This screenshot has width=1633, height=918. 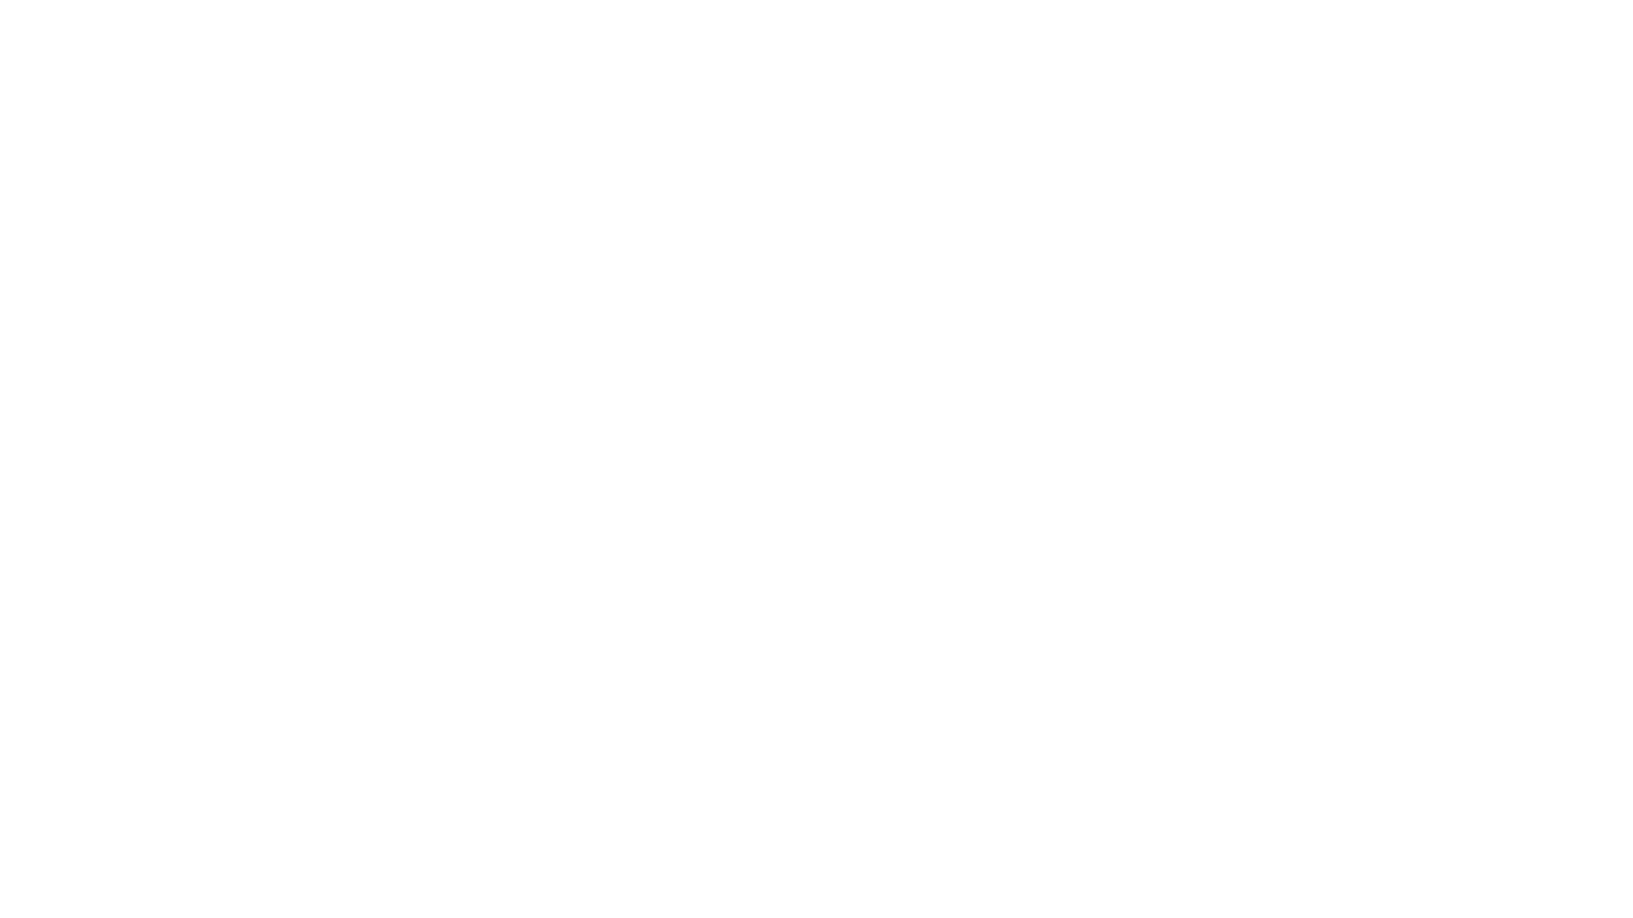 What do you see at coordinates (803, 130) in the screenshot?
I see `L'ECOLE` at bounding box center [803, 130].